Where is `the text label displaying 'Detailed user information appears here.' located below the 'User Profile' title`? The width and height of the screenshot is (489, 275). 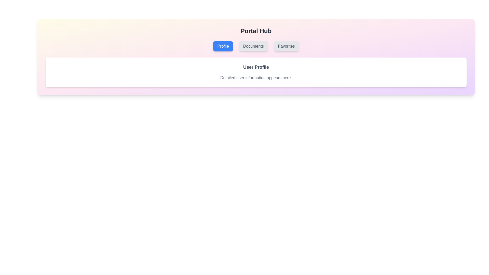 the text label displaying 'Detailed user information appears here.' located below the 'User Profile' title is located at coordinates (256, 78).